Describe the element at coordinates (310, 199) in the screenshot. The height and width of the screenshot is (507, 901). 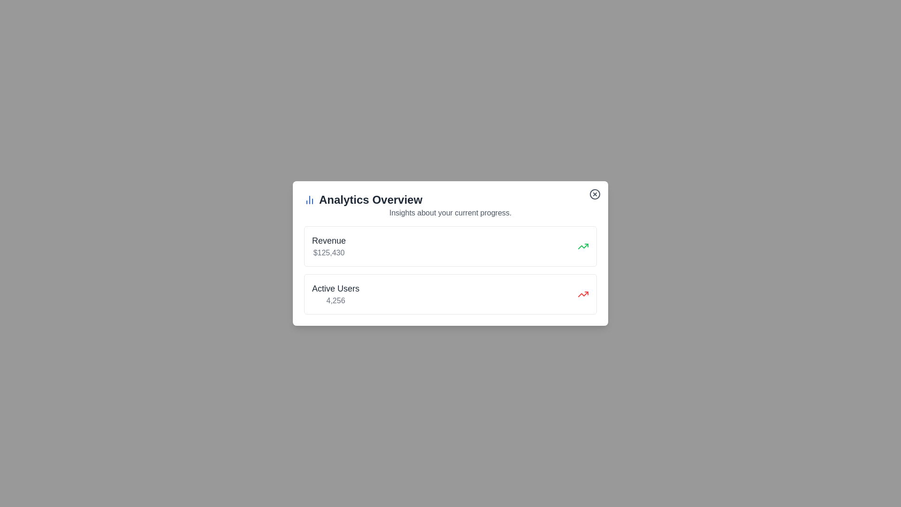
I see `the blue icon resembling a bar chart, which is located to the left of the 'Analytics Overview' title text` at that location.